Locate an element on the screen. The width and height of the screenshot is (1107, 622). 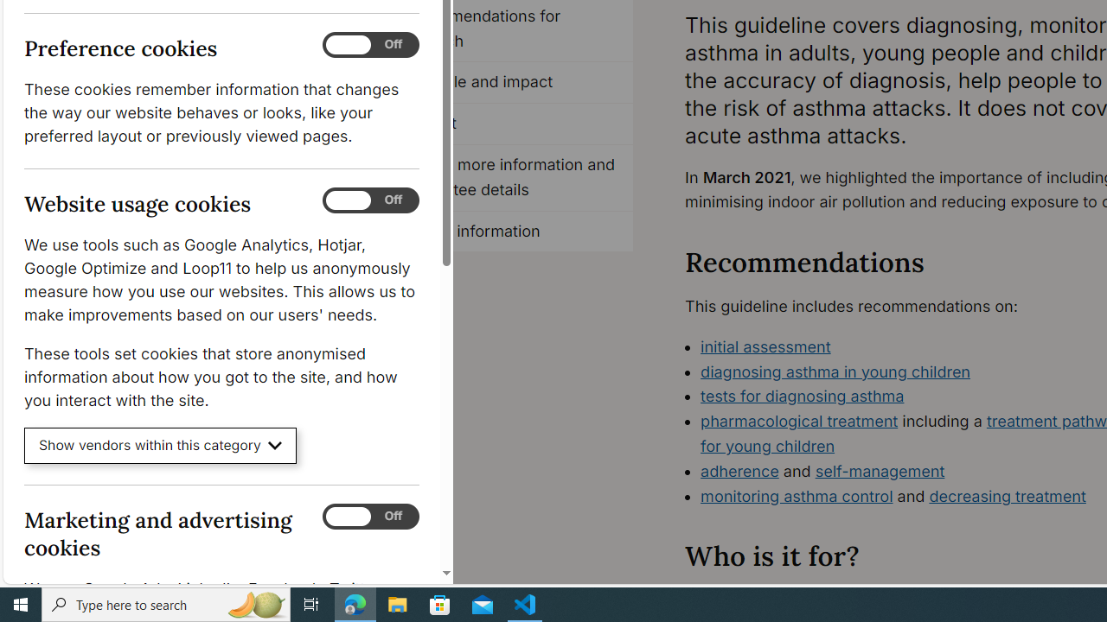
'pharmacological treatment' is located at coordinates (798, 421).